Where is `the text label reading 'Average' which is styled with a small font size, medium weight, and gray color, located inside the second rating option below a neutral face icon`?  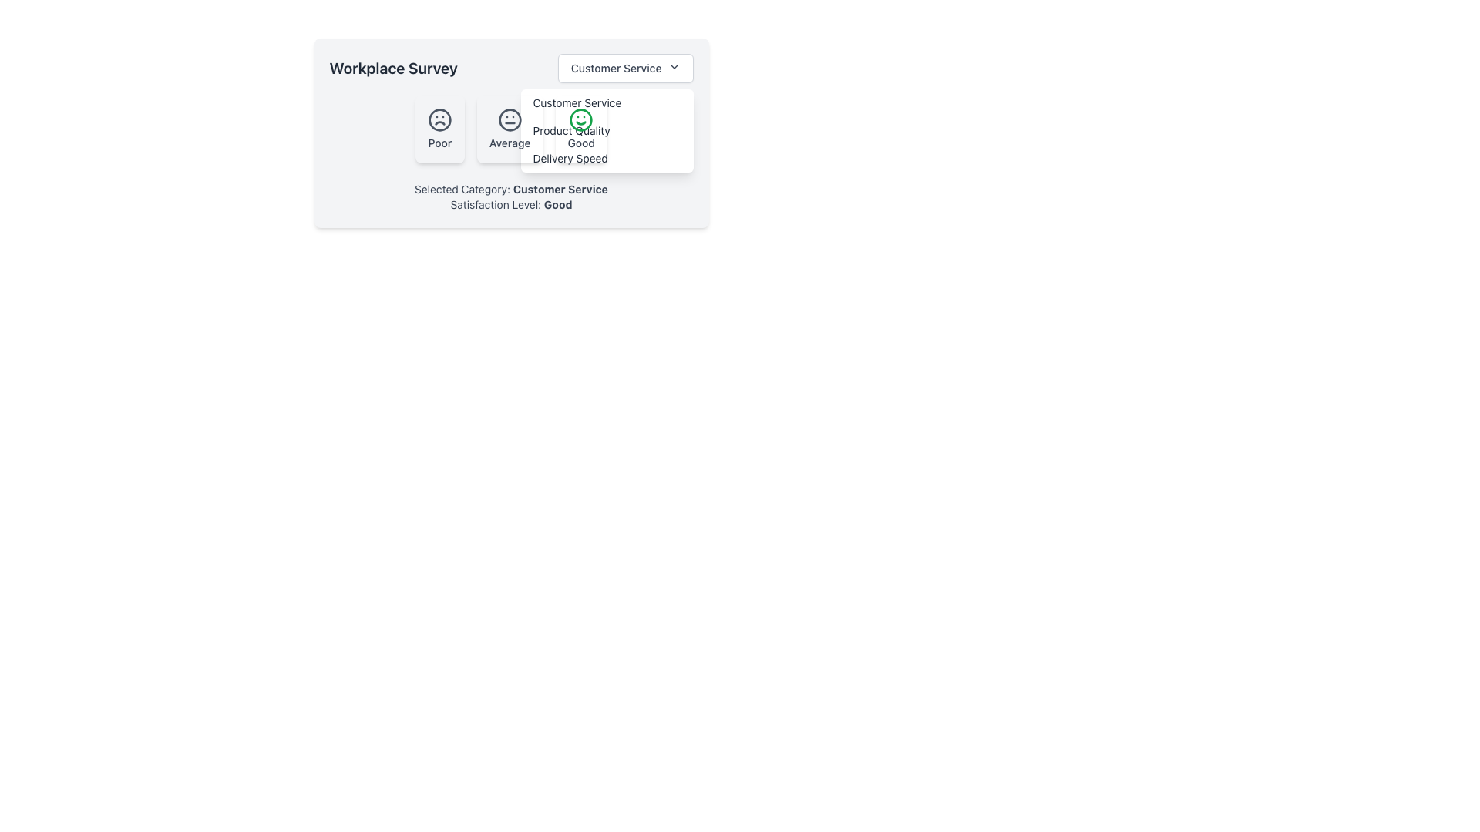 the text label reading 'Average' which is styled with a small font size, medium weight, and gray color, located inside the second rating option below a neutral face icon is located at coordinates (510, 143).